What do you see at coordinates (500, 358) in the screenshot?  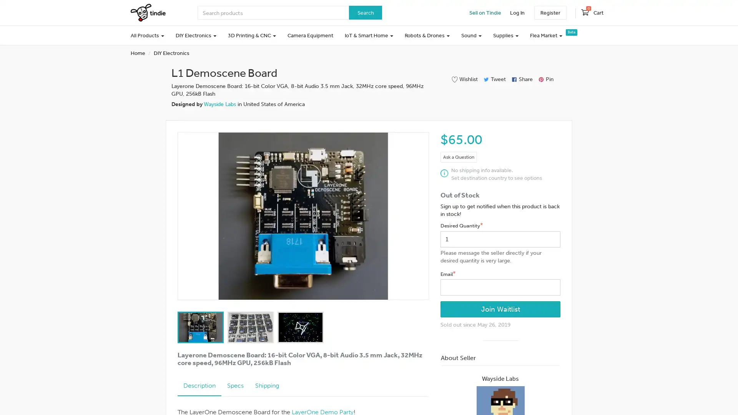 I see `About Seller` at bounding box center [500, 358].